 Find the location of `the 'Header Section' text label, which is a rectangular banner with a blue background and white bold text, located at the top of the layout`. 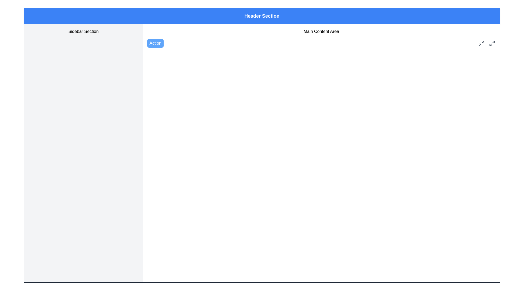

the 'Header Section' text label, which is a rectangular banner with a blue background and white bold text, located at the top of the layout is located at coordinates (262, 16).